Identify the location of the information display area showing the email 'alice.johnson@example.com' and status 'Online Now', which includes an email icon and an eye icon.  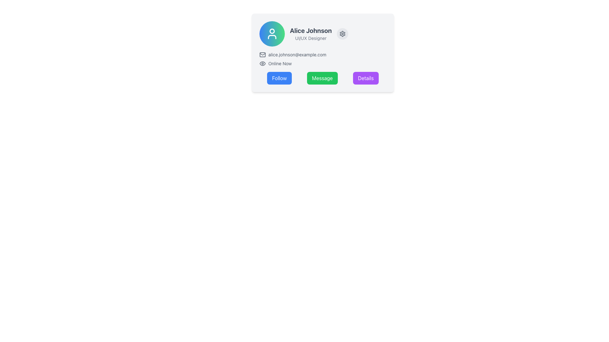
(323, 59).